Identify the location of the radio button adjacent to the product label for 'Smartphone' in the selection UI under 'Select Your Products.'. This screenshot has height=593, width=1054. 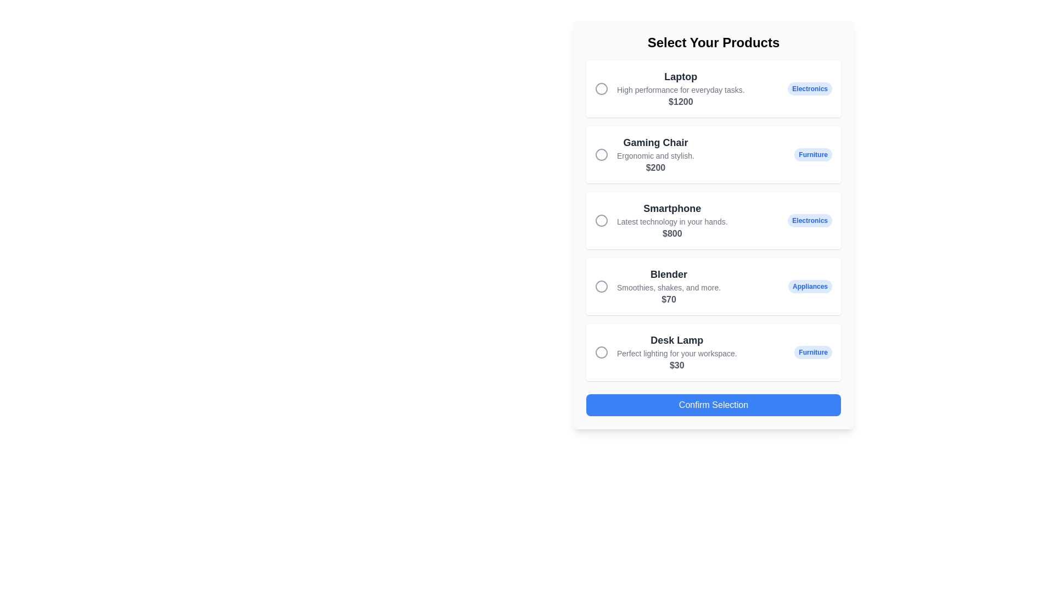
(671, 220).